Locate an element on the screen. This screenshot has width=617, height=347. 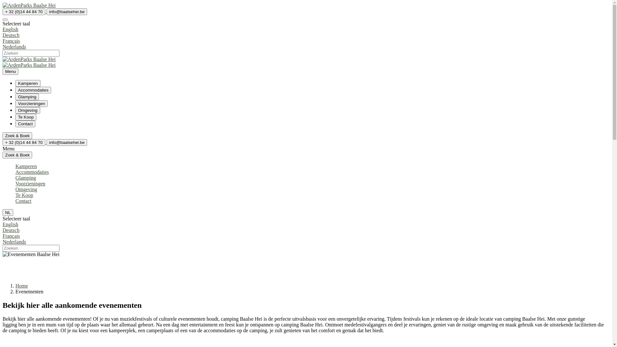
'Kamperen' is located at coordinates (15, 83).